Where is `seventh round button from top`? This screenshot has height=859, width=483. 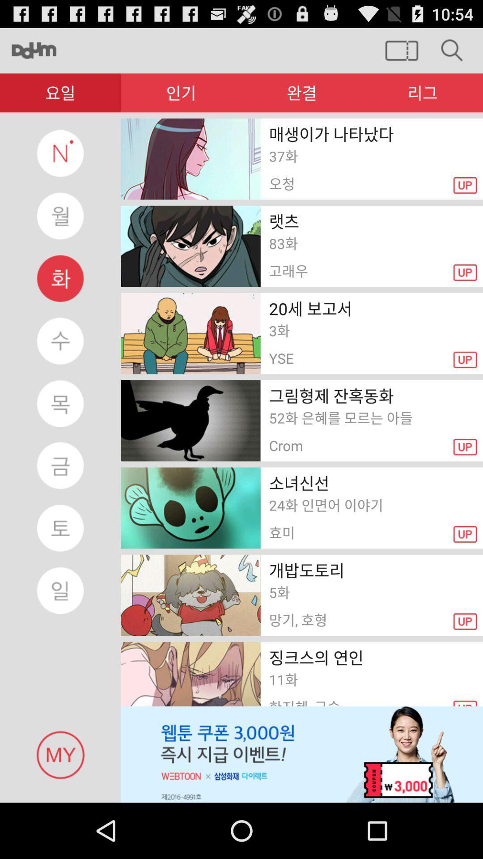 seventh round button from top is located at coordinates (60, 528).